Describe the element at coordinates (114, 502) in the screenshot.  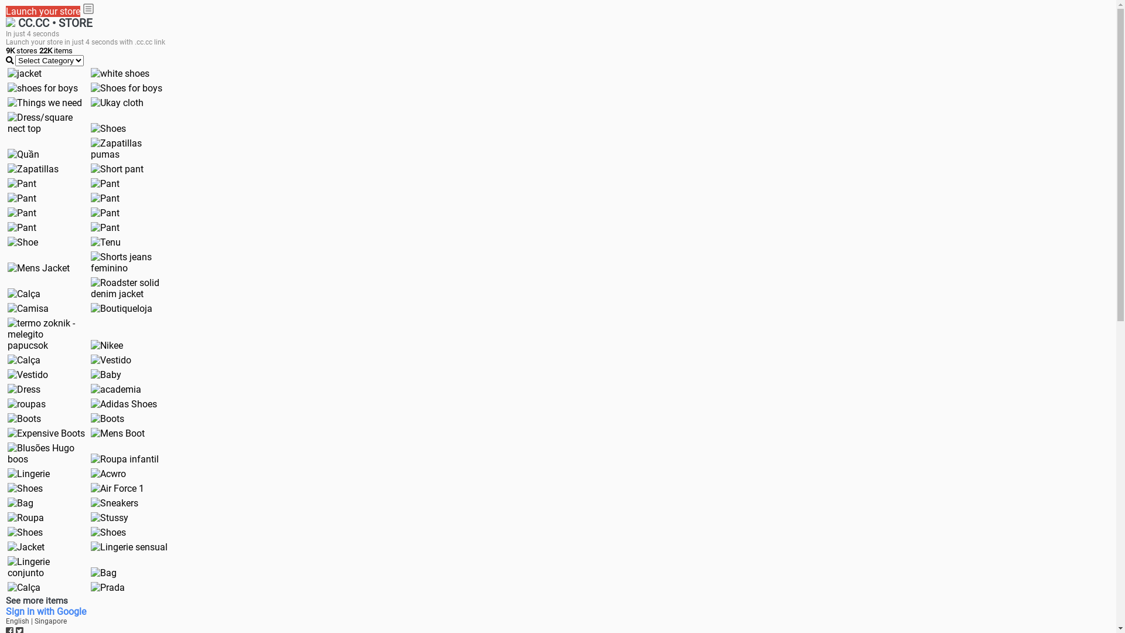
I see `'Sneakers'` at that location.